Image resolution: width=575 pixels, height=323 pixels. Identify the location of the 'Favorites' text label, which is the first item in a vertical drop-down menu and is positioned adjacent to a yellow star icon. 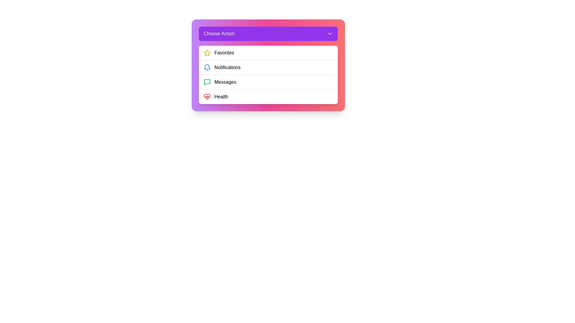
(224, 53).